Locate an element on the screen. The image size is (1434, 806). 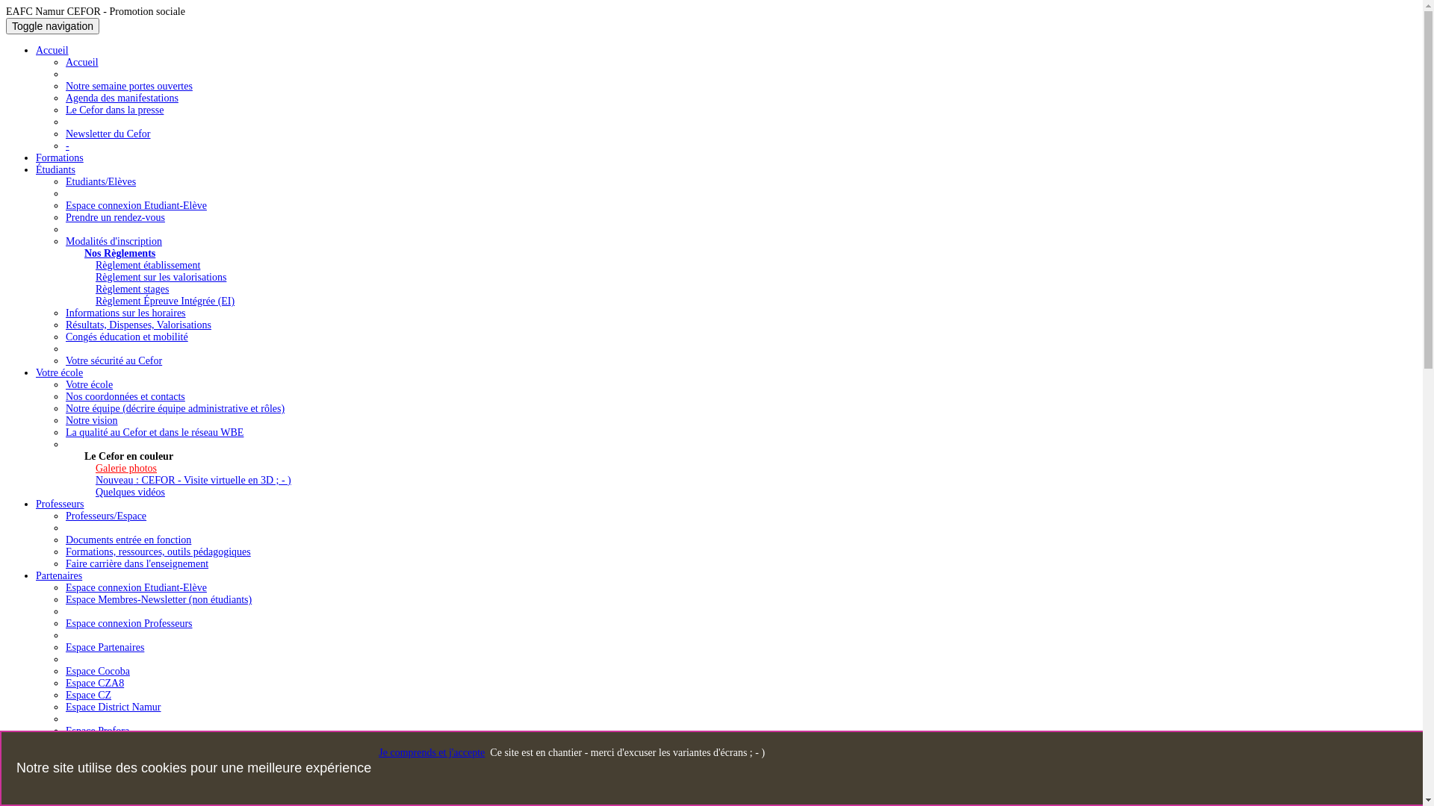
'Espace CSR-EPS' is located at coordinates (64, 743).